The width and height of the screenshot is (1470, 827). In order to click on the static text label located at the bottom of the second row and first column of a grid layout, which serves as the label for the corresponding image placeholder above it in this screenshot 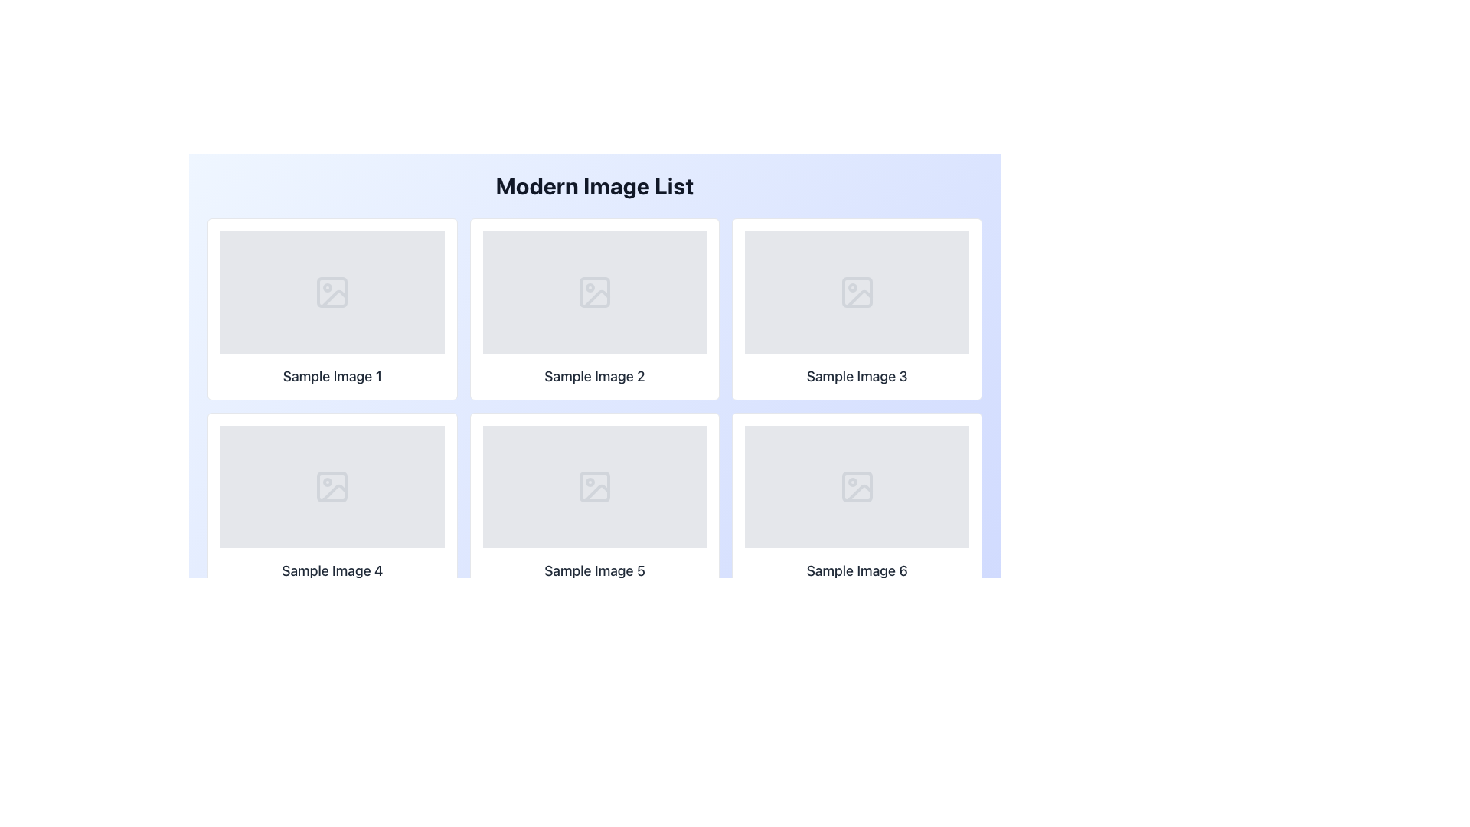, I will do `click(332, 570)`.